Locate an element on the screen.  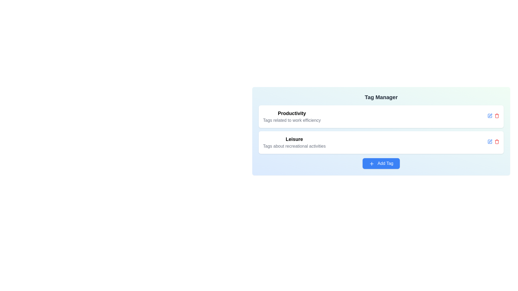
the small blue edit icon located to the immediate right of the label 'Leisure' in the tag management interface to scale the icon slightly is located at coordinates (490, 141).